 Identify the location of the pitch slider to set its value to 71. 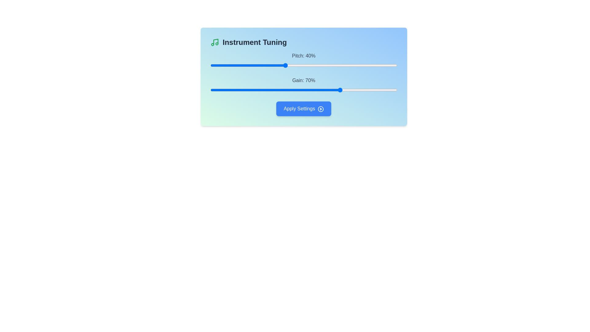
(343, 65).